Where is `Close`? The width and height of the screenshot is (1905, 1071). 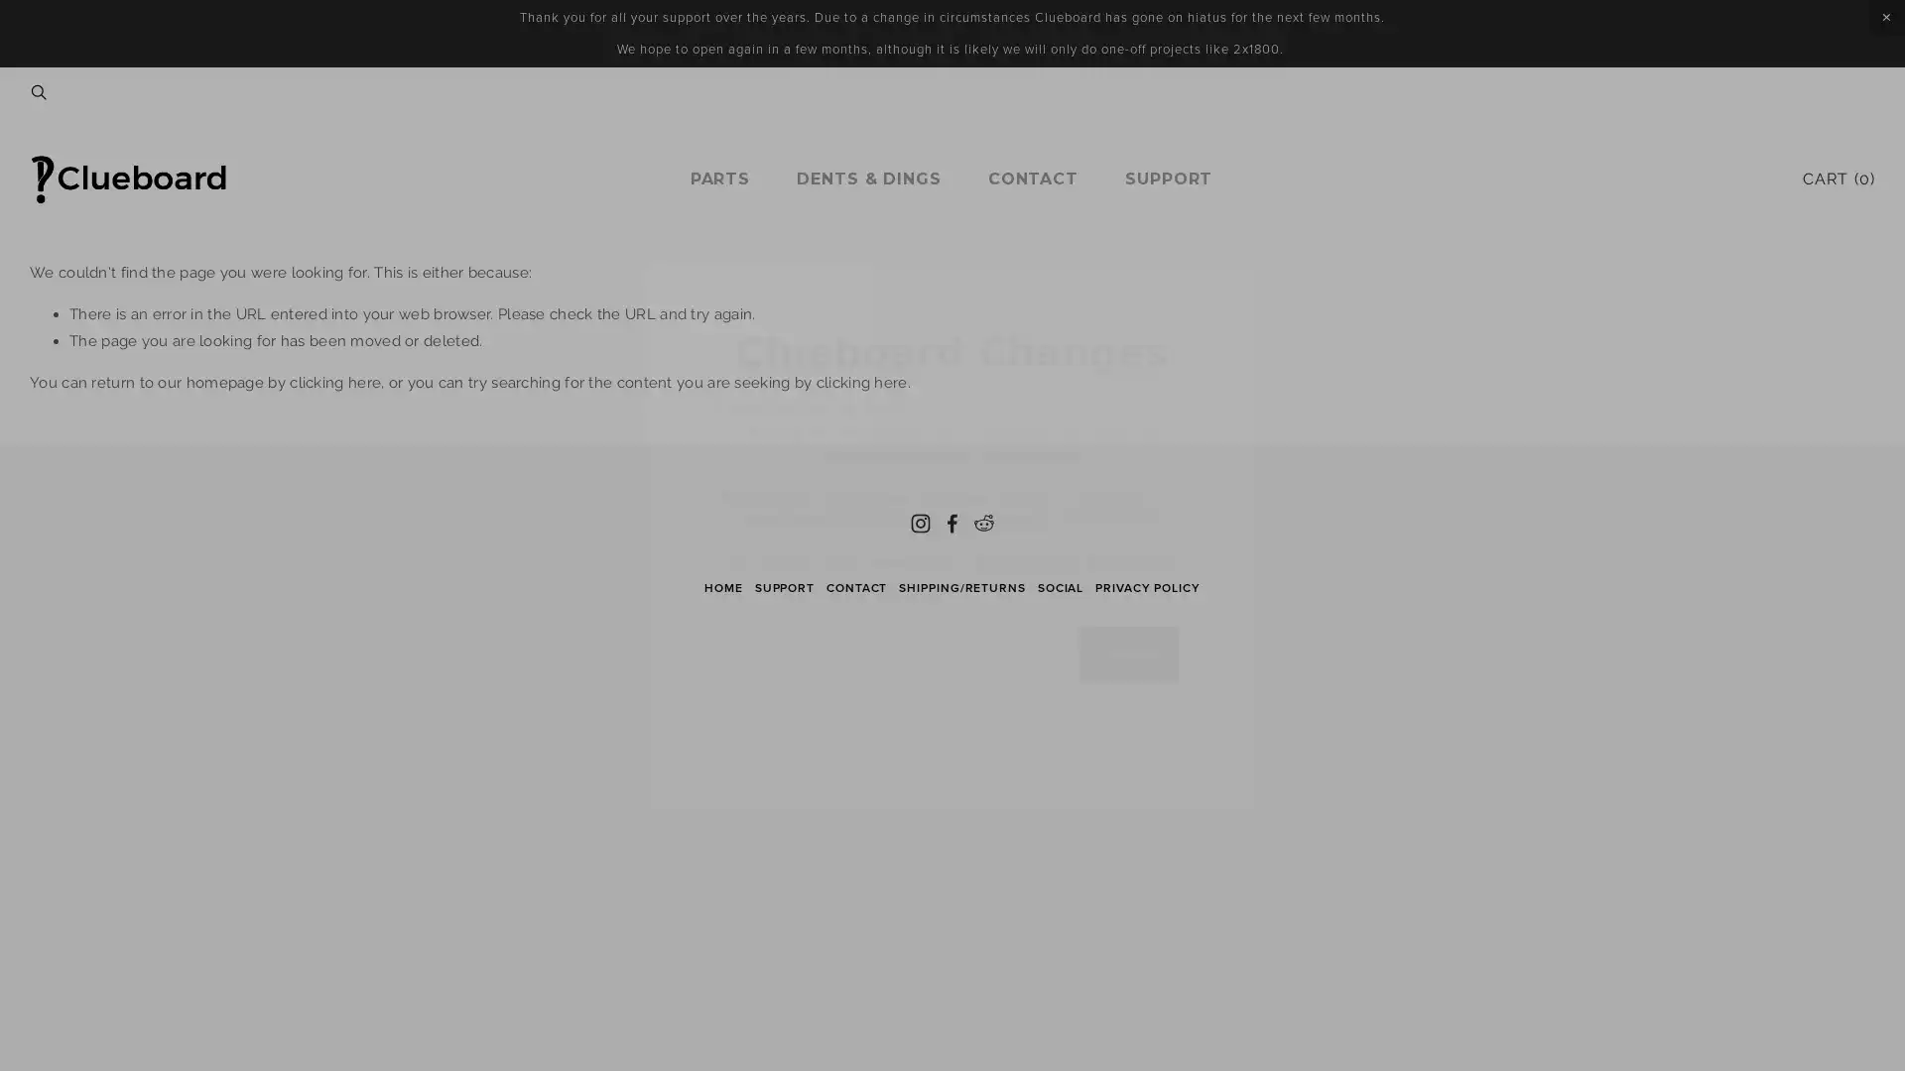 Close is located at coordinates (1236, 286).